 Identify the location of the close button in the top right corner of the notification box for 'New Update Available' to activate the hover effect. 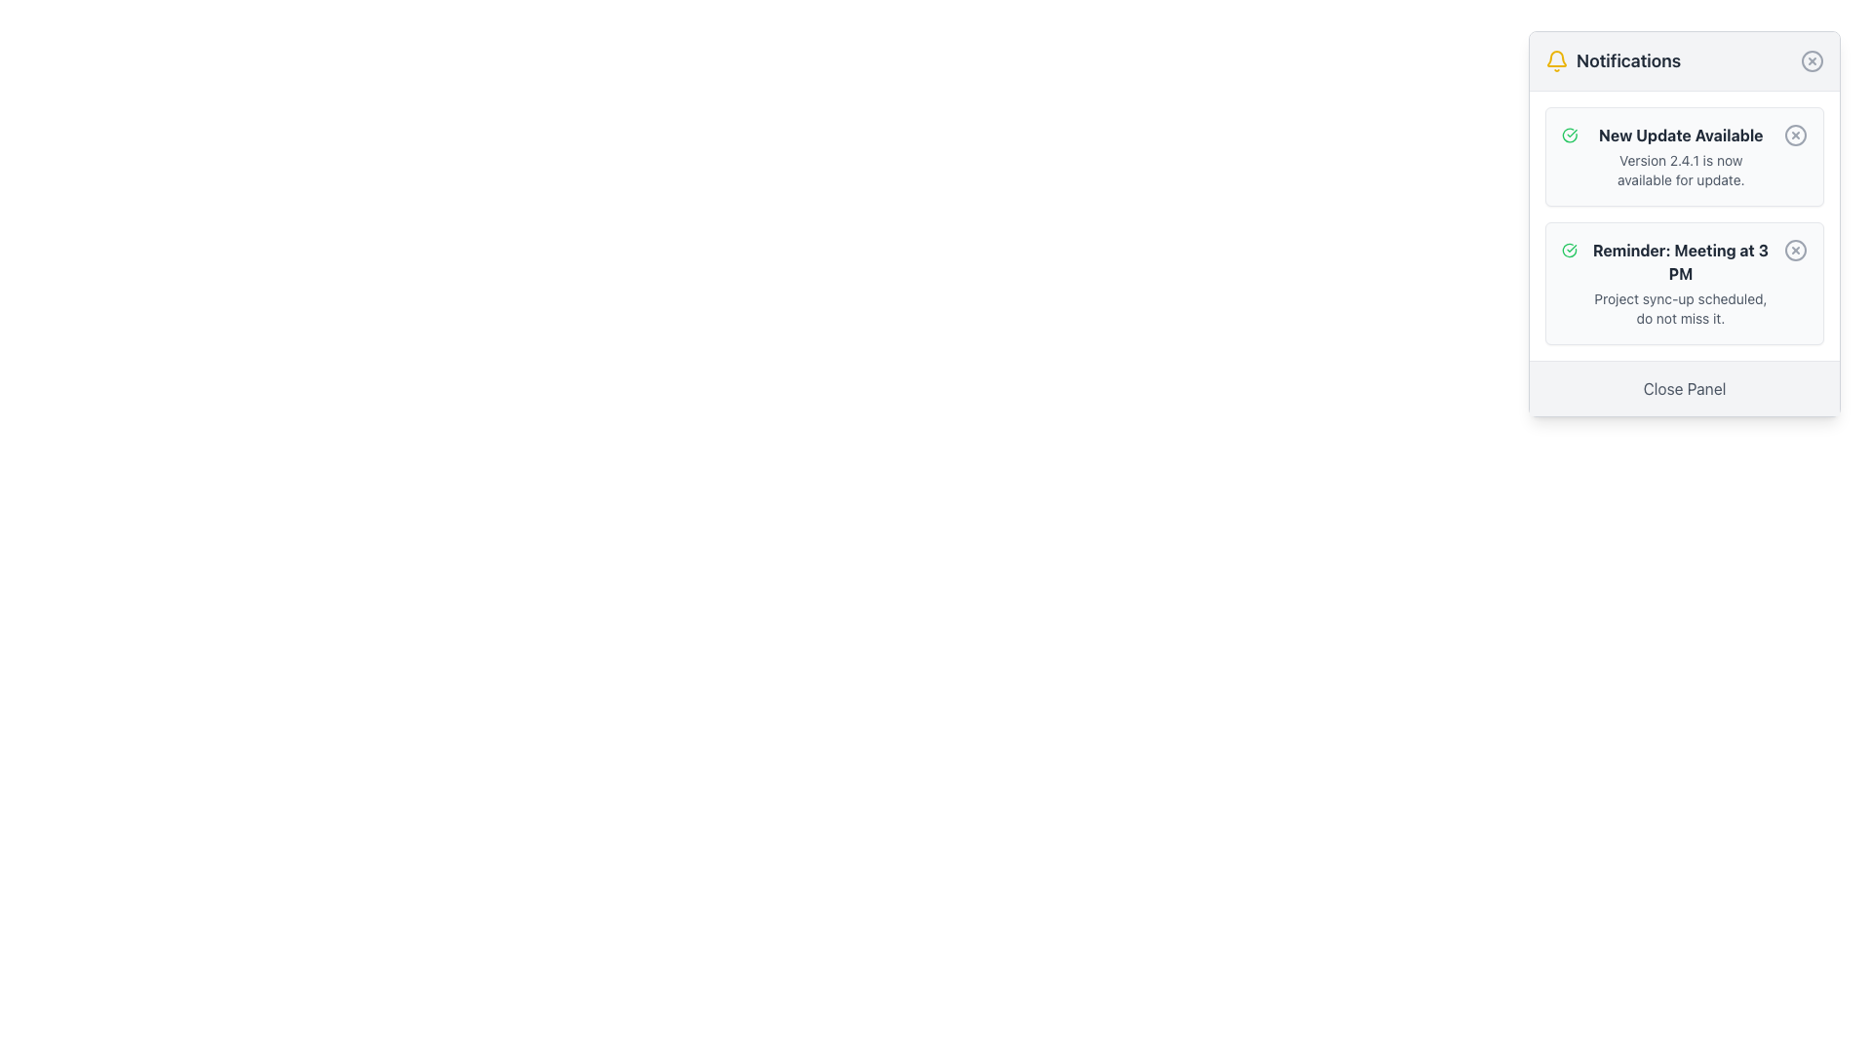
(1795, 134).